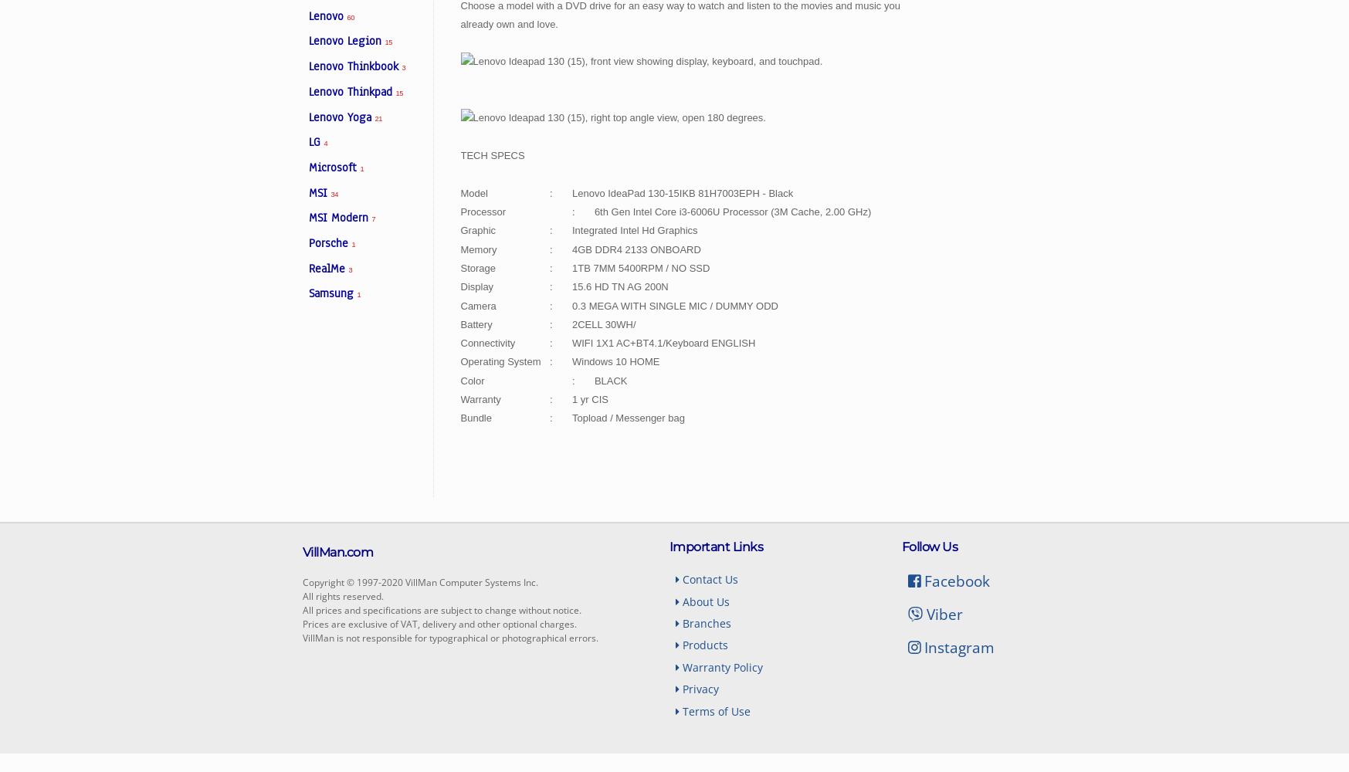 Image resolution: width=1349 pixels, height=772 pixels. What do you see at coordinates (346, 41) in the screenshot?
I see `'Lenovo Legion'` at bounding box center [346, 41].